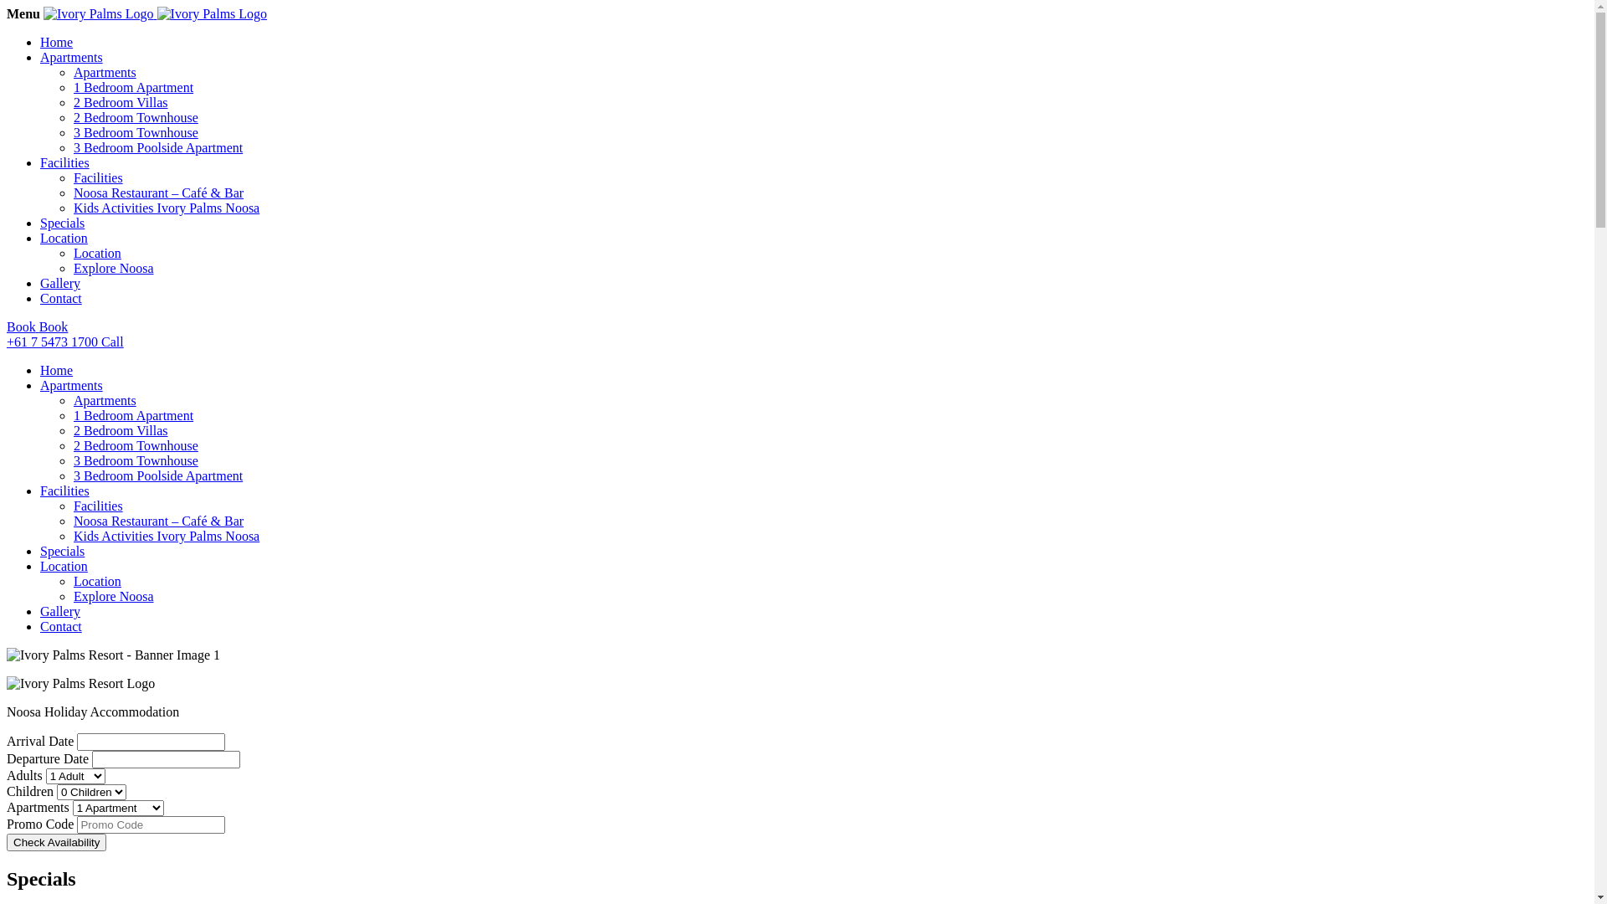  Describe the element at coordinates (60, 297) in the screenshot. I see `'Contact'` at that location.